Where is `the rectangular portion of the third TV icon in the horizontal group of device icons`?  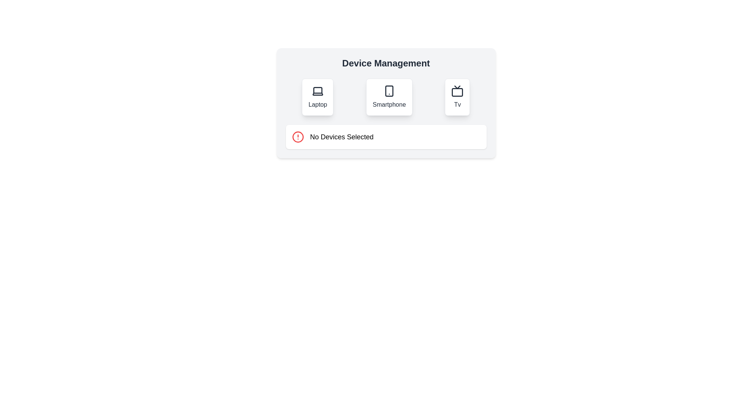
the rectangular portion of the third TV icon in the horizontal group of device icons is located at coordinates (457, 92).